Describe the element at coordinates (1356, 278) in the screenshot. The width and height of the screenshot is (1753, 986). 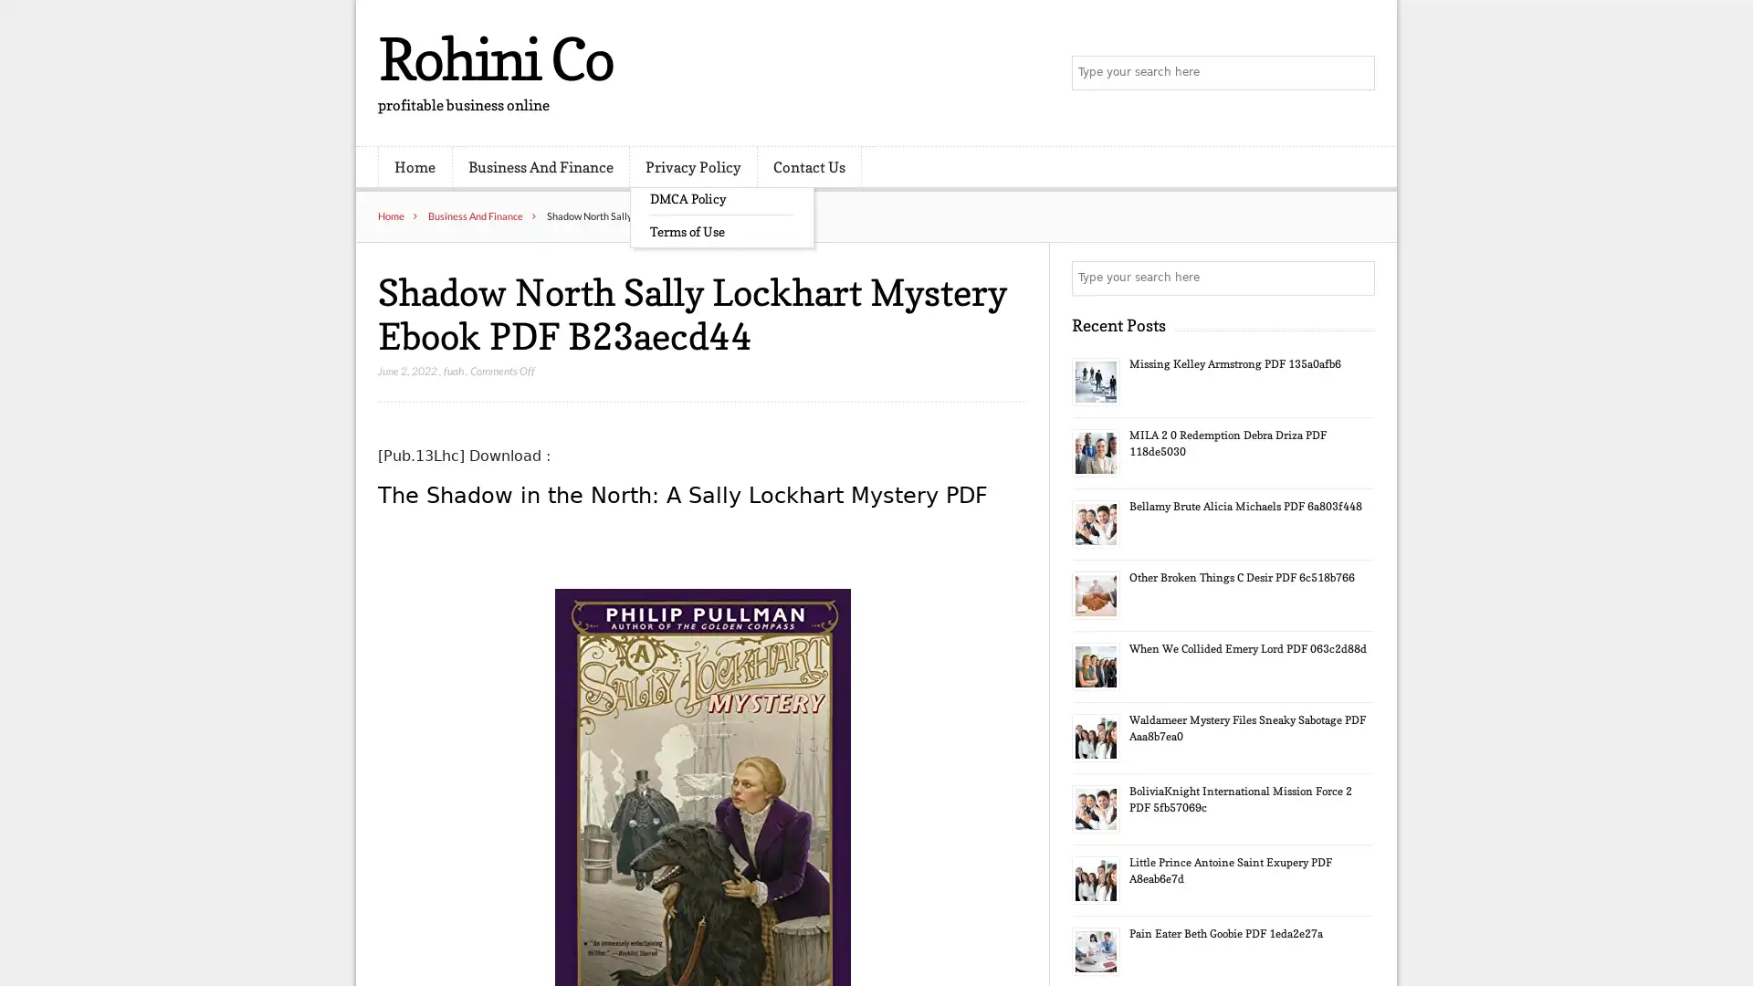
I see `Search` at that location.